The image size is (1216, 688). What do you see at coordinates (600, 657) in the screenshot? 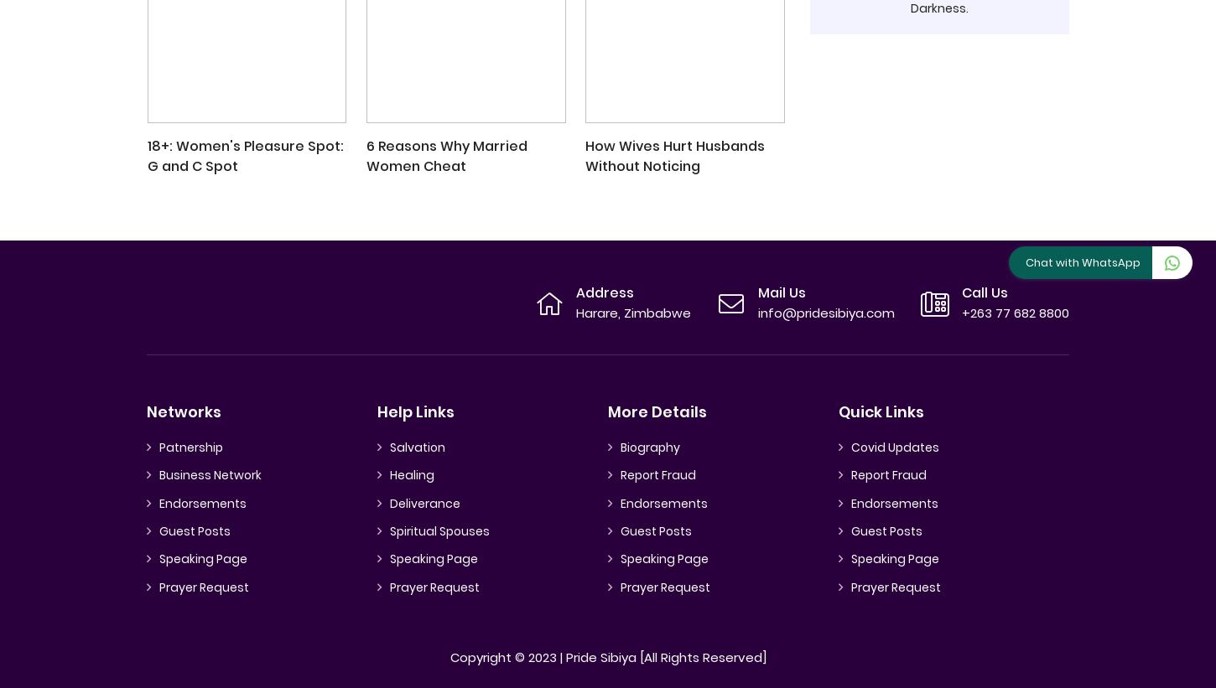
I see `'Pride Sibiya'` at bounding box center [600, 657].